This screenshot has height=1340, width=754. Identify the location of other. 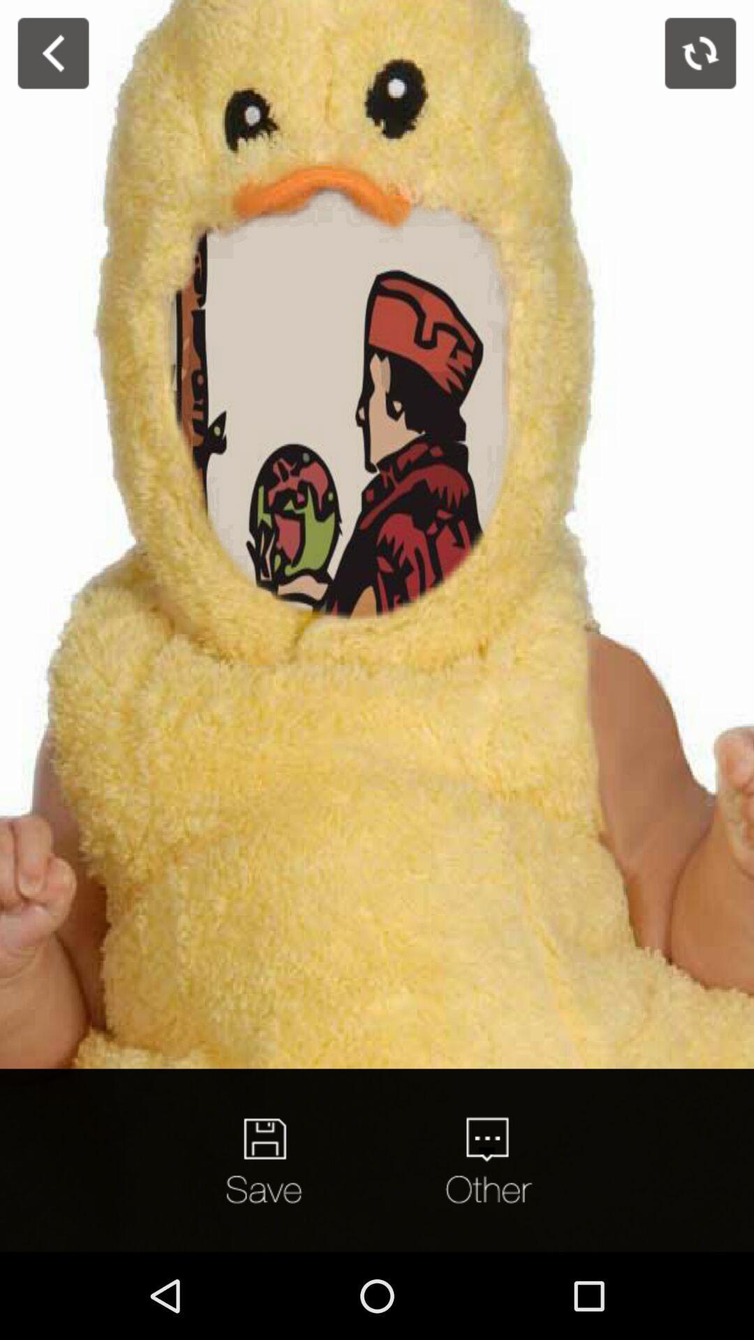
(486, 1160).